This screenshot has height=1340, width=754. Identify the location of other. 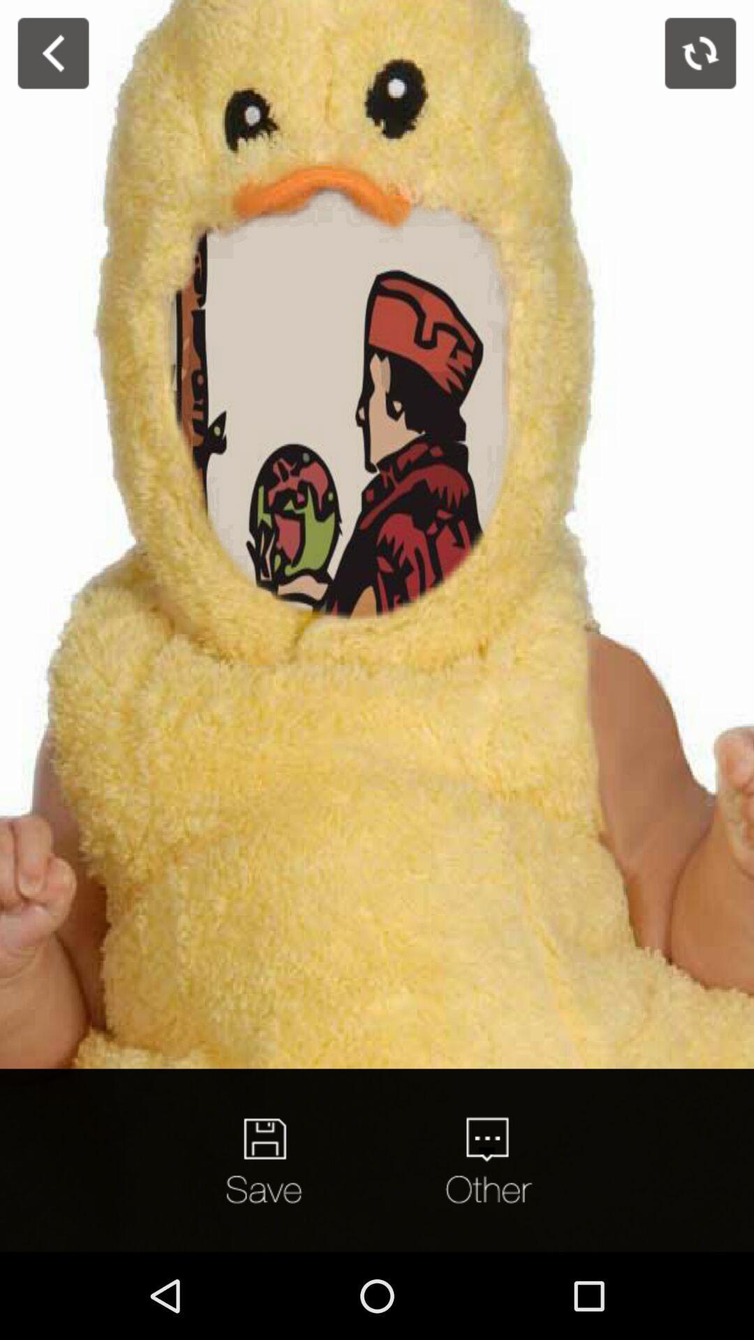
(486, 1160).